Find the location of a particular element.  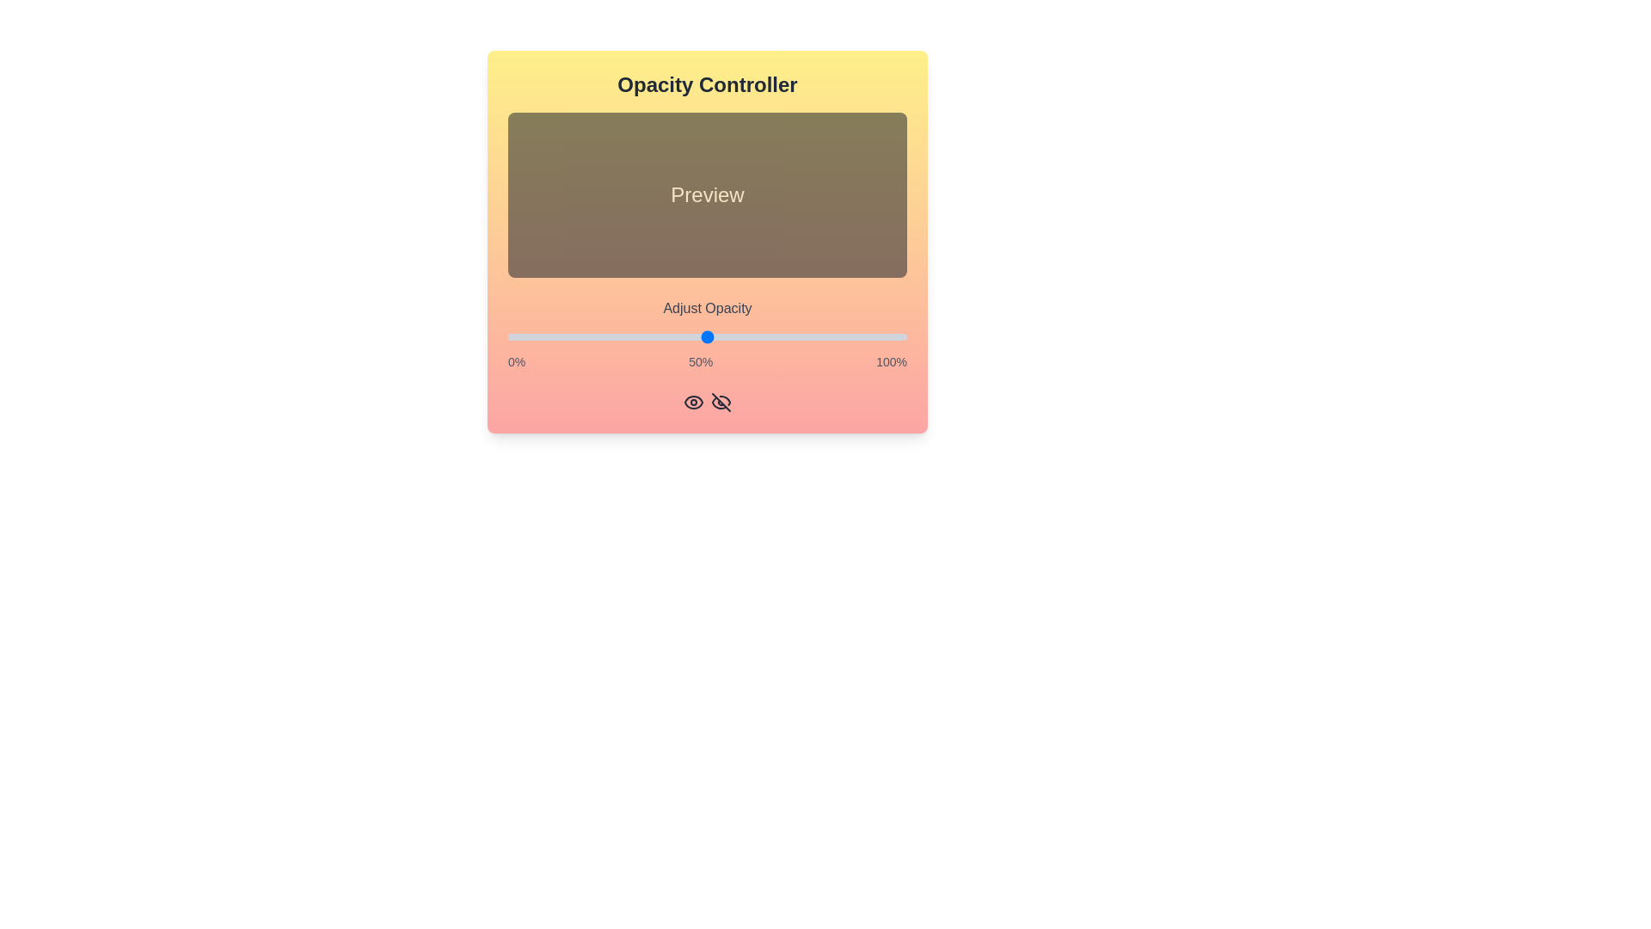

the opacity slider to 63% is located at coordinates (758, 337).